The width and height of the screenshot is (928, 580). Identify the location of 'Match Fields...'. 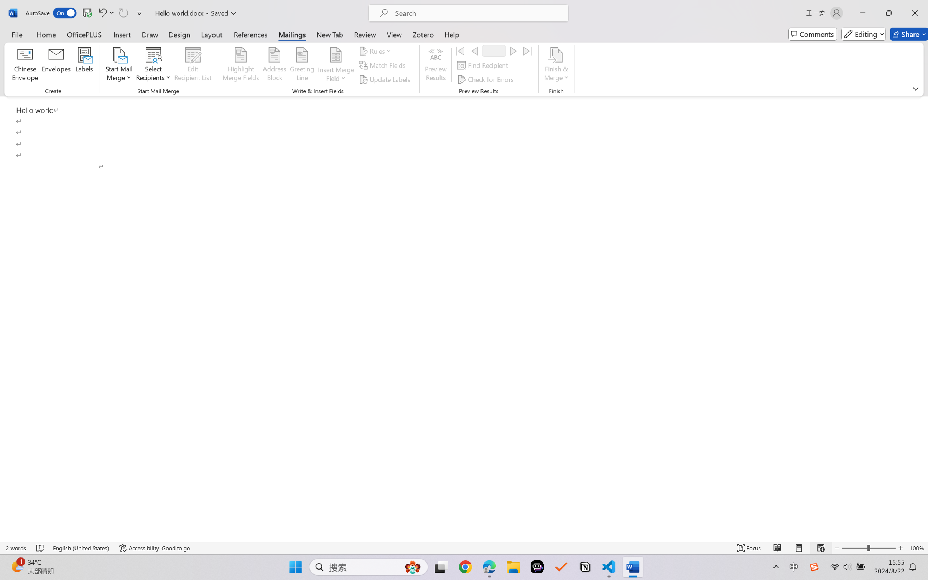
(383, 65).